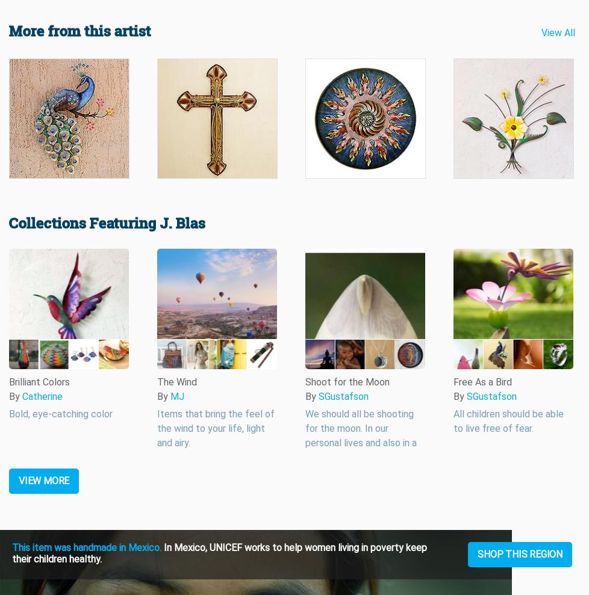 Image resolution: width=589 pixels, height=595 pixels. Describe the element at coordinates (482, 381) in the screenshot. I see `'Free As a Bird'` at that location.